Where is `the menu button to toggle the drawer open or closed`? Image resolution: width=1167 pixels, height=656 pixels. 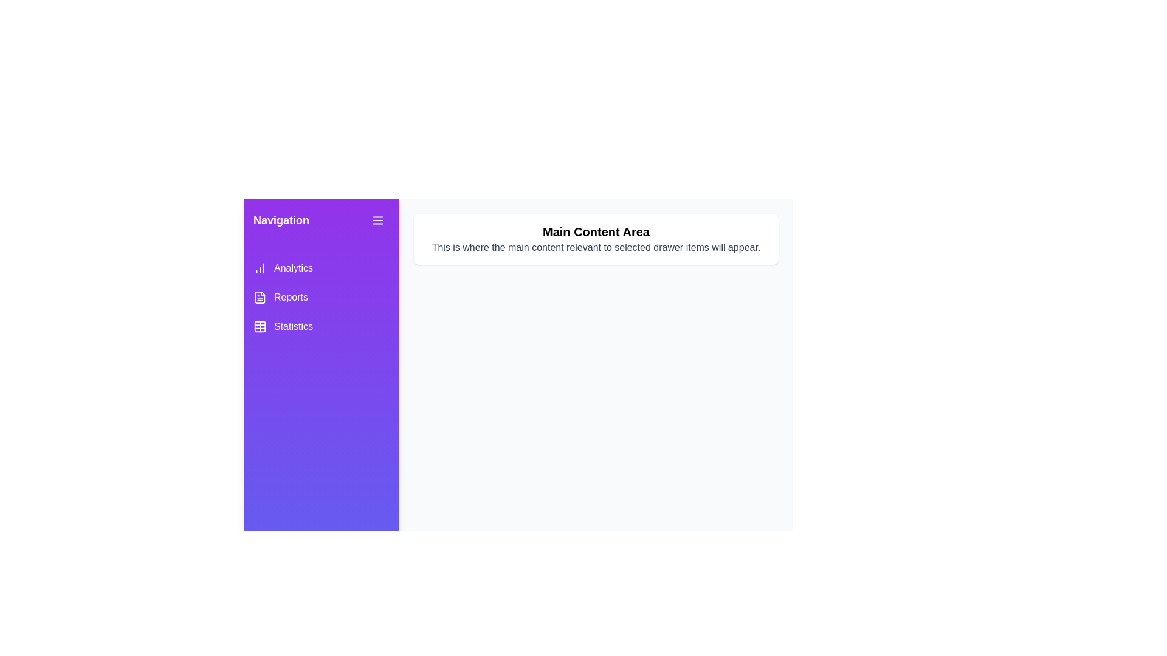 the menu button to toggle the drawer open or closed is located at coordinates (377, 220).